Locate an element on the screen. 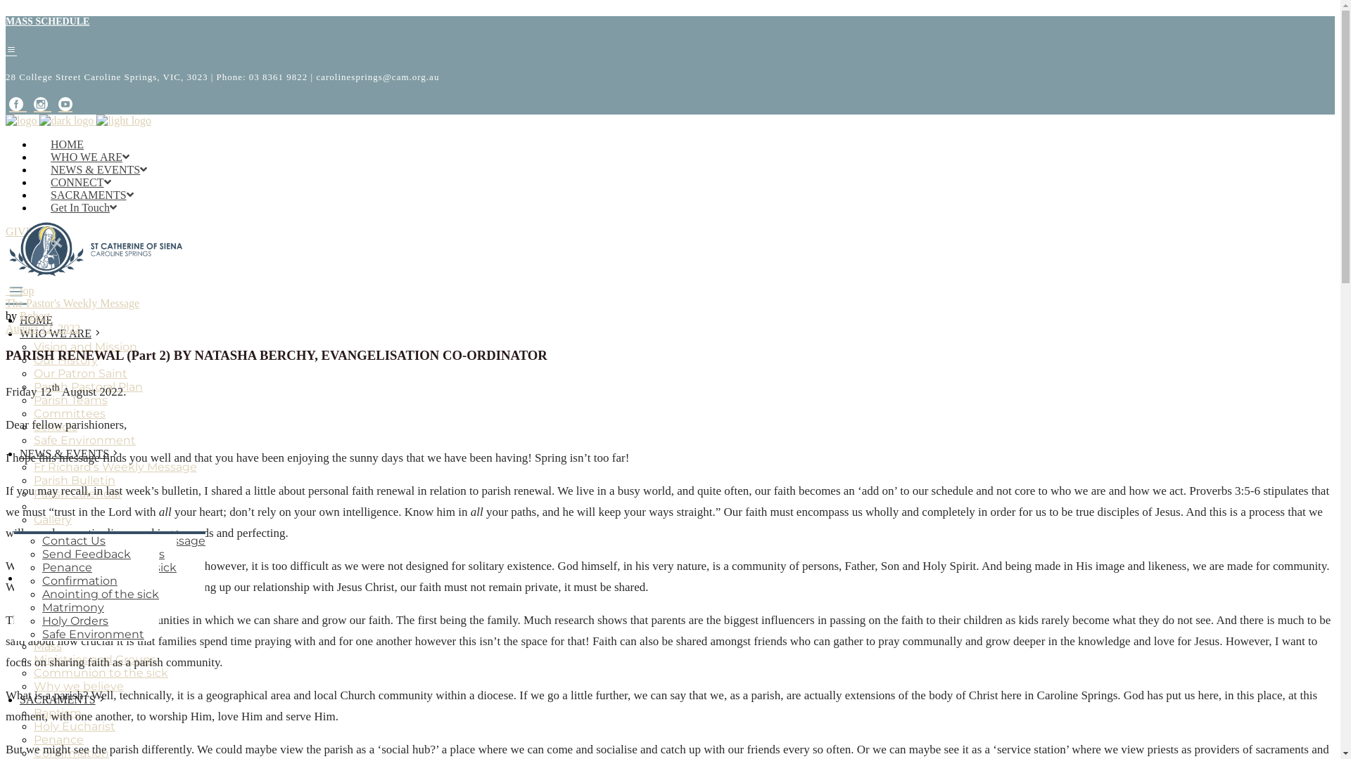  'Safe Environment' is located at coordinates (84, 439).